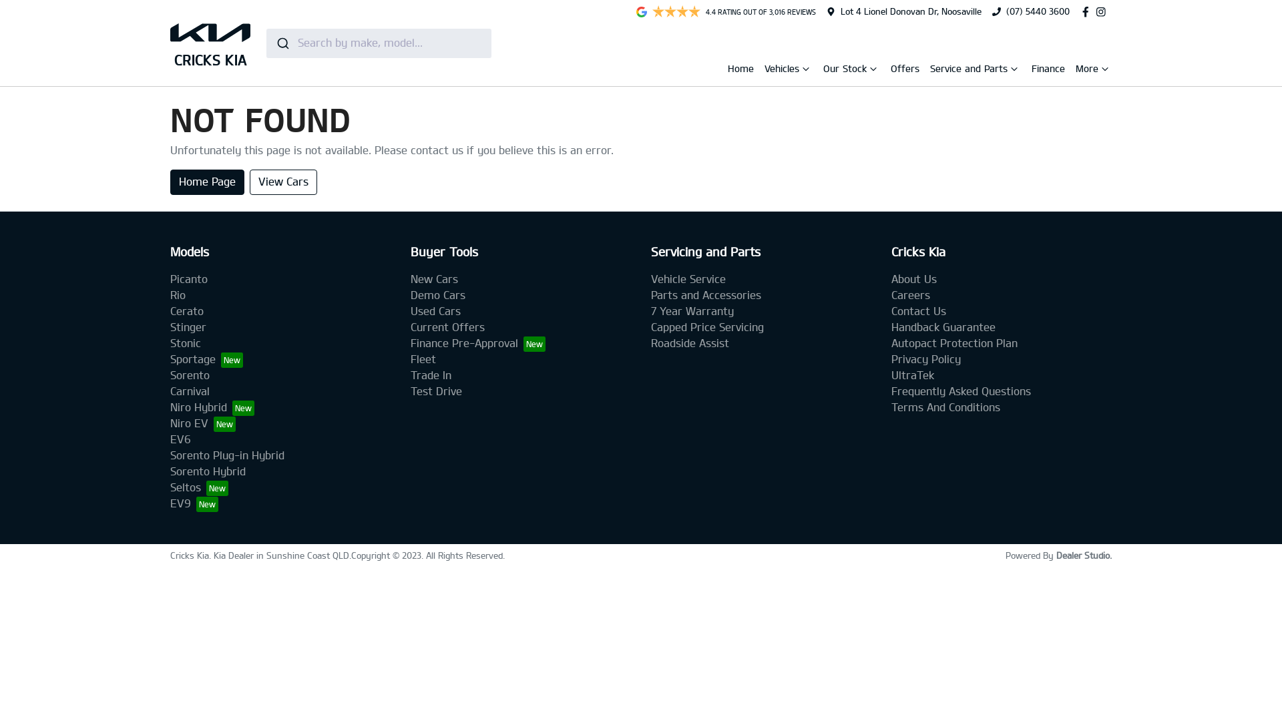 The image size is (1282, 721). What do you see at coordinates (740, 68) in the screenshot?
I see `'Home'` at bounding box center [740, 68].